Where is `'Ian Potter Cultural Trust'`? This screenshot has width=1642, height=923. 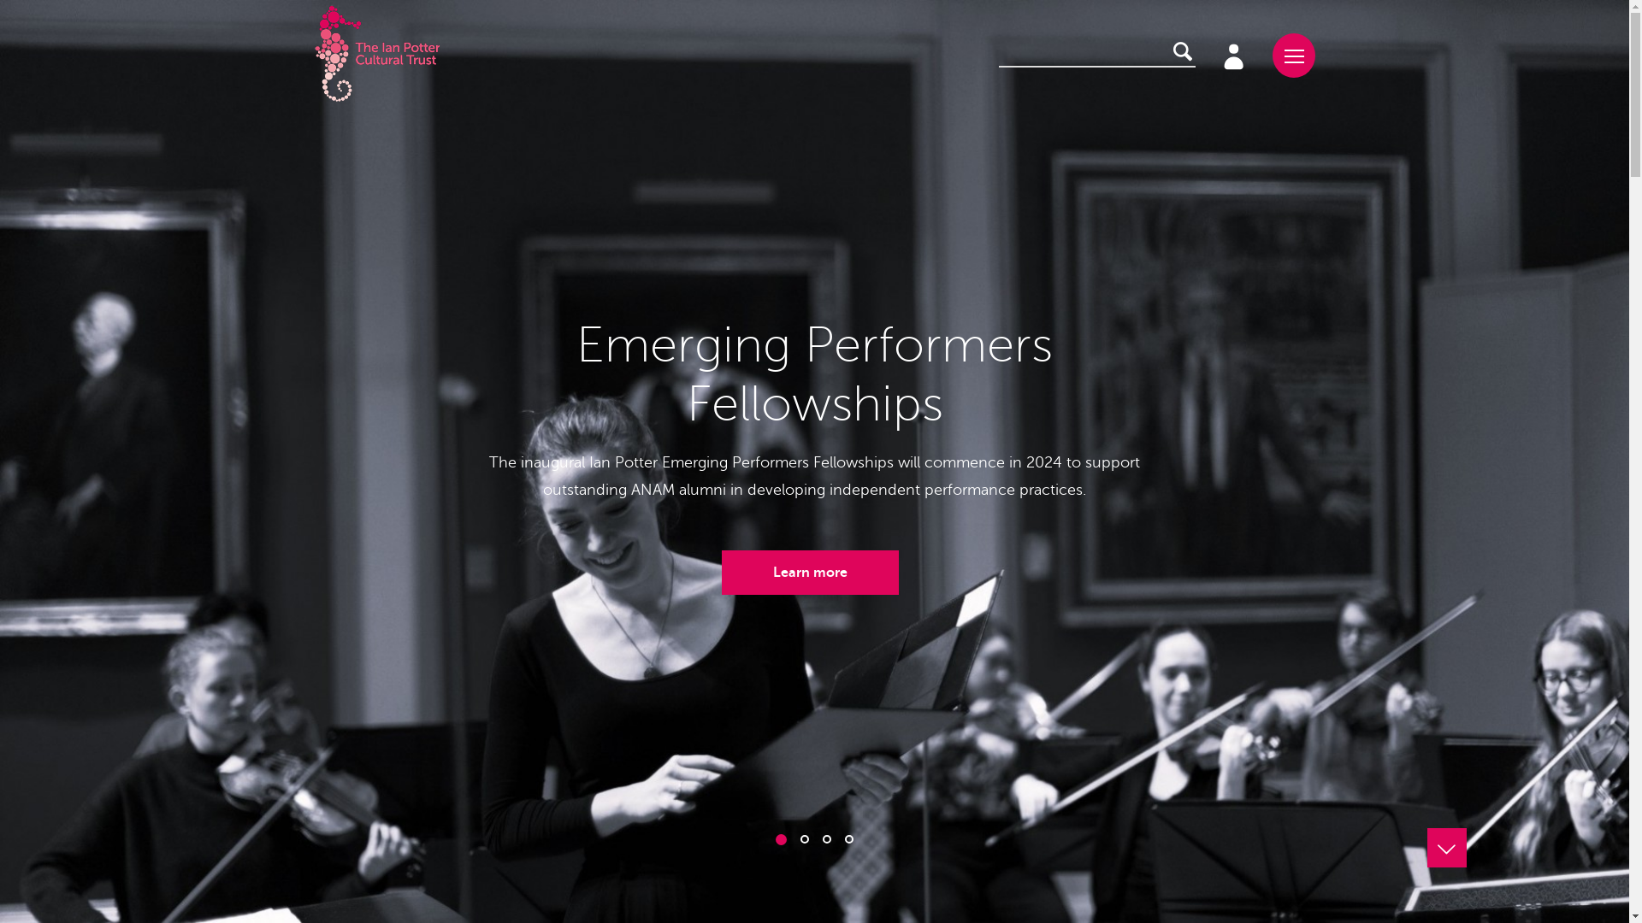
'Ian Potter Cultural Trust' is located at coordinates (376, 54).